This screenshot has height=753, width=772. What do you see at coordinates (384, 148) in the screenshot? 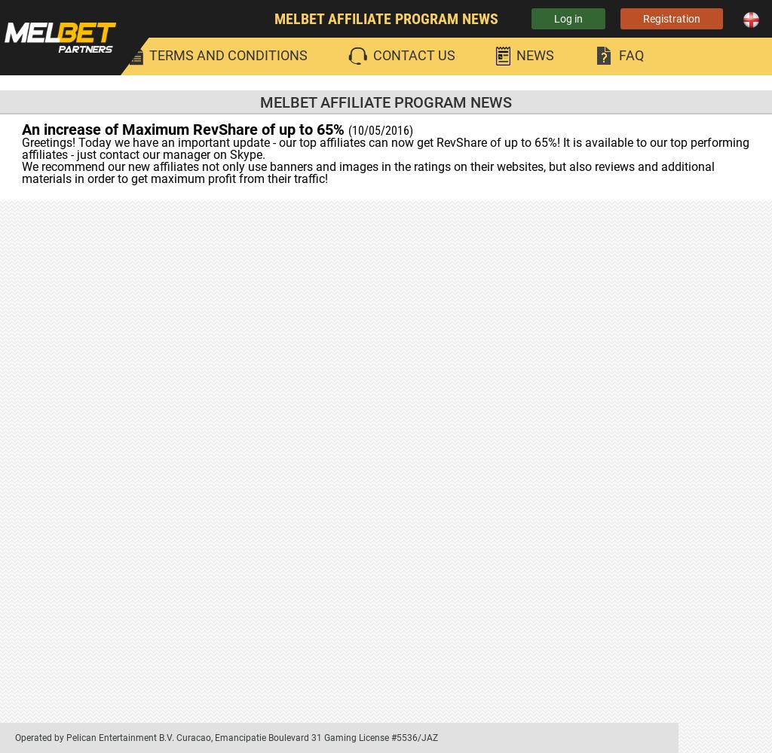
I see `'Greetings! Today we have an important update - our top affiliates can now get RevShare of up to 65%! It is available to our top performing affiliates - just contact our manager on Skype.'` at bounding box center [384, 148].